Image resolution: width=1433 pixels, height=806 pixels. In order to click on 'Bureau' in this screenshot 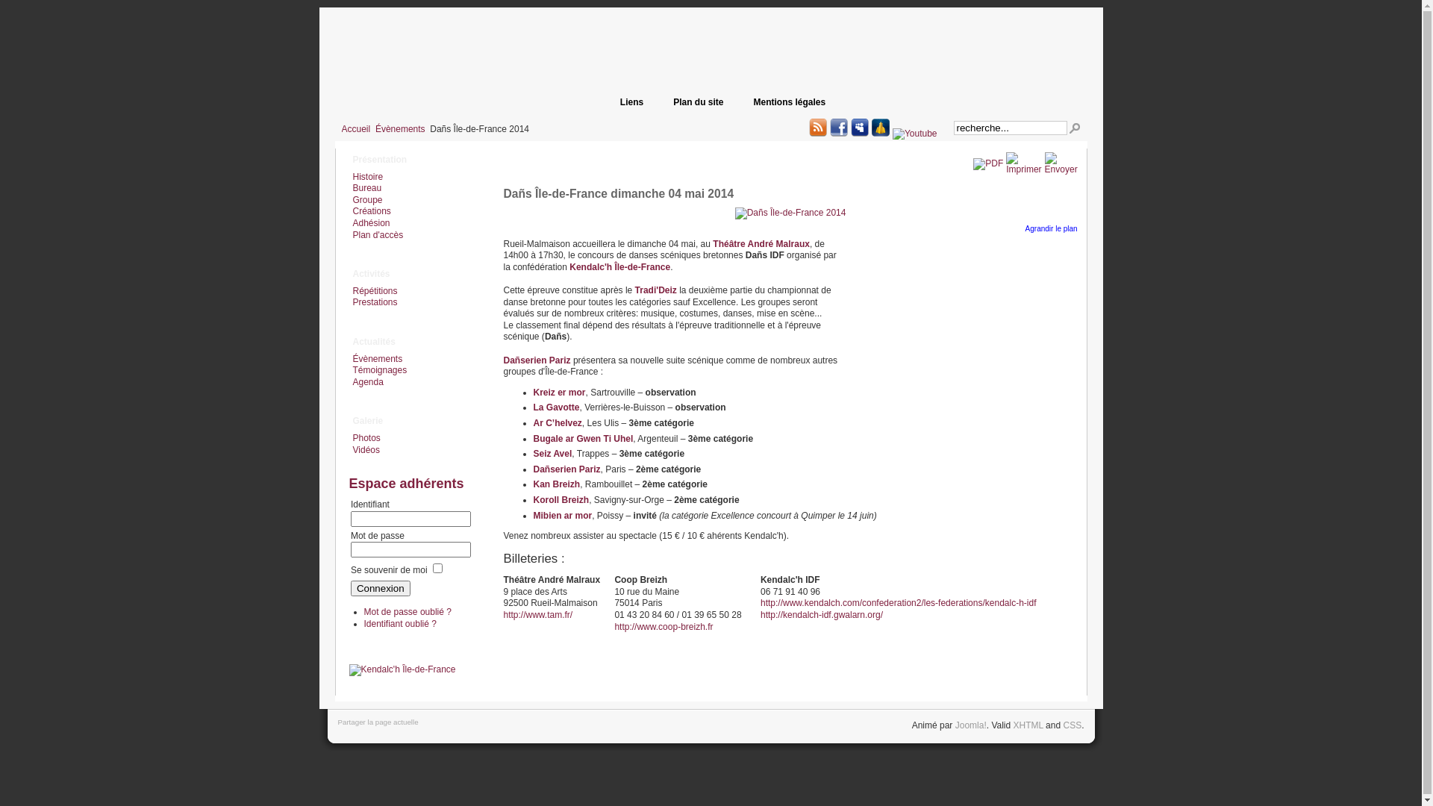, I will do `click(365, 187)`.